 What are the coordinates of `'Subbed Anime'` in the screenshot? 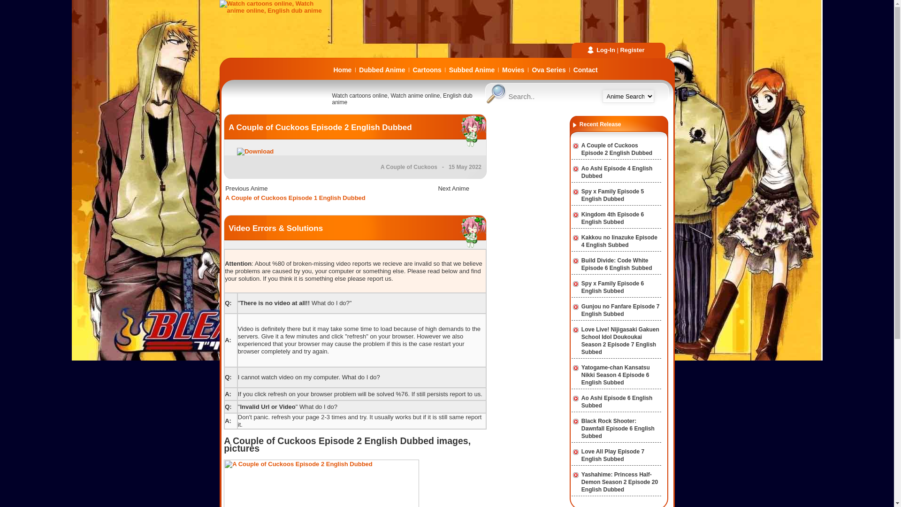 It's located at (472, 69).